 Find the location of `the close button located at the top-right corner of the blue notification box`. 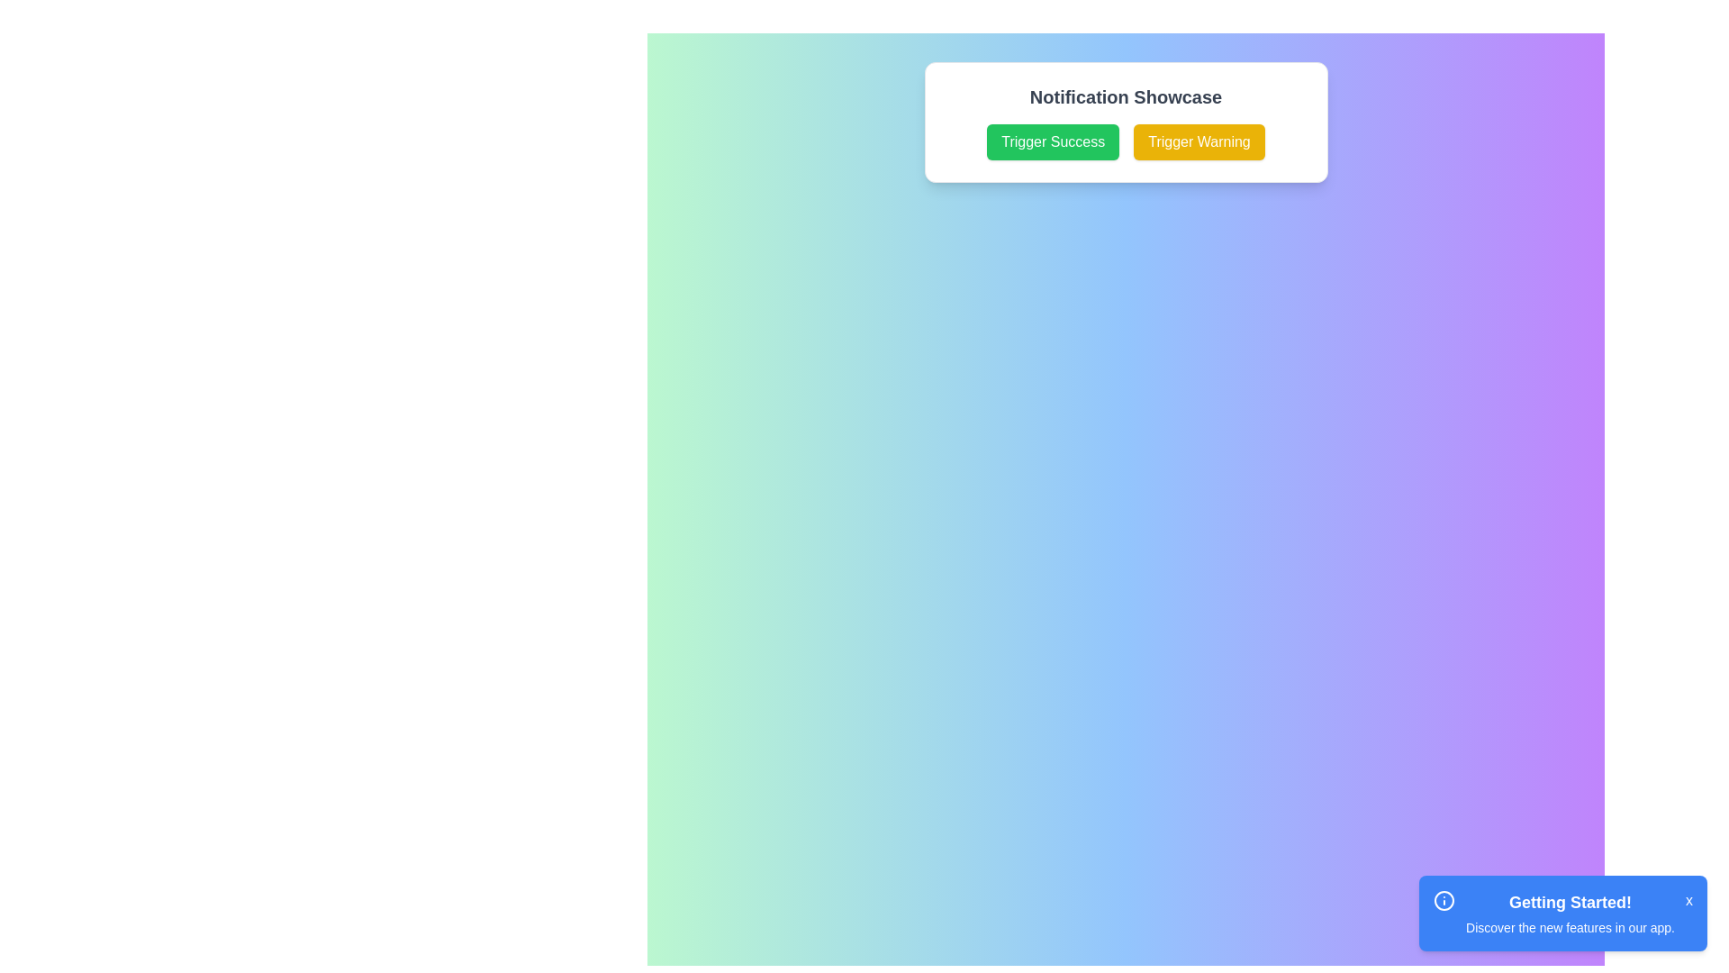

the close button located at the top-right corner of the blue notification box is located at coordinates (1688, 900).